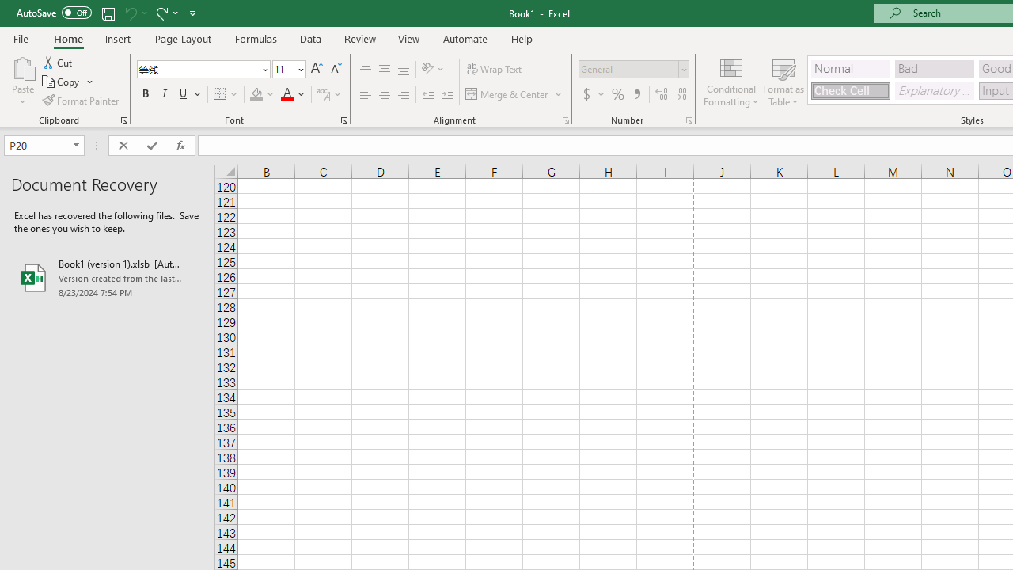  Describe the element at coordinates (226, 94) in the screenshot. I see `'Borders'` at that location.